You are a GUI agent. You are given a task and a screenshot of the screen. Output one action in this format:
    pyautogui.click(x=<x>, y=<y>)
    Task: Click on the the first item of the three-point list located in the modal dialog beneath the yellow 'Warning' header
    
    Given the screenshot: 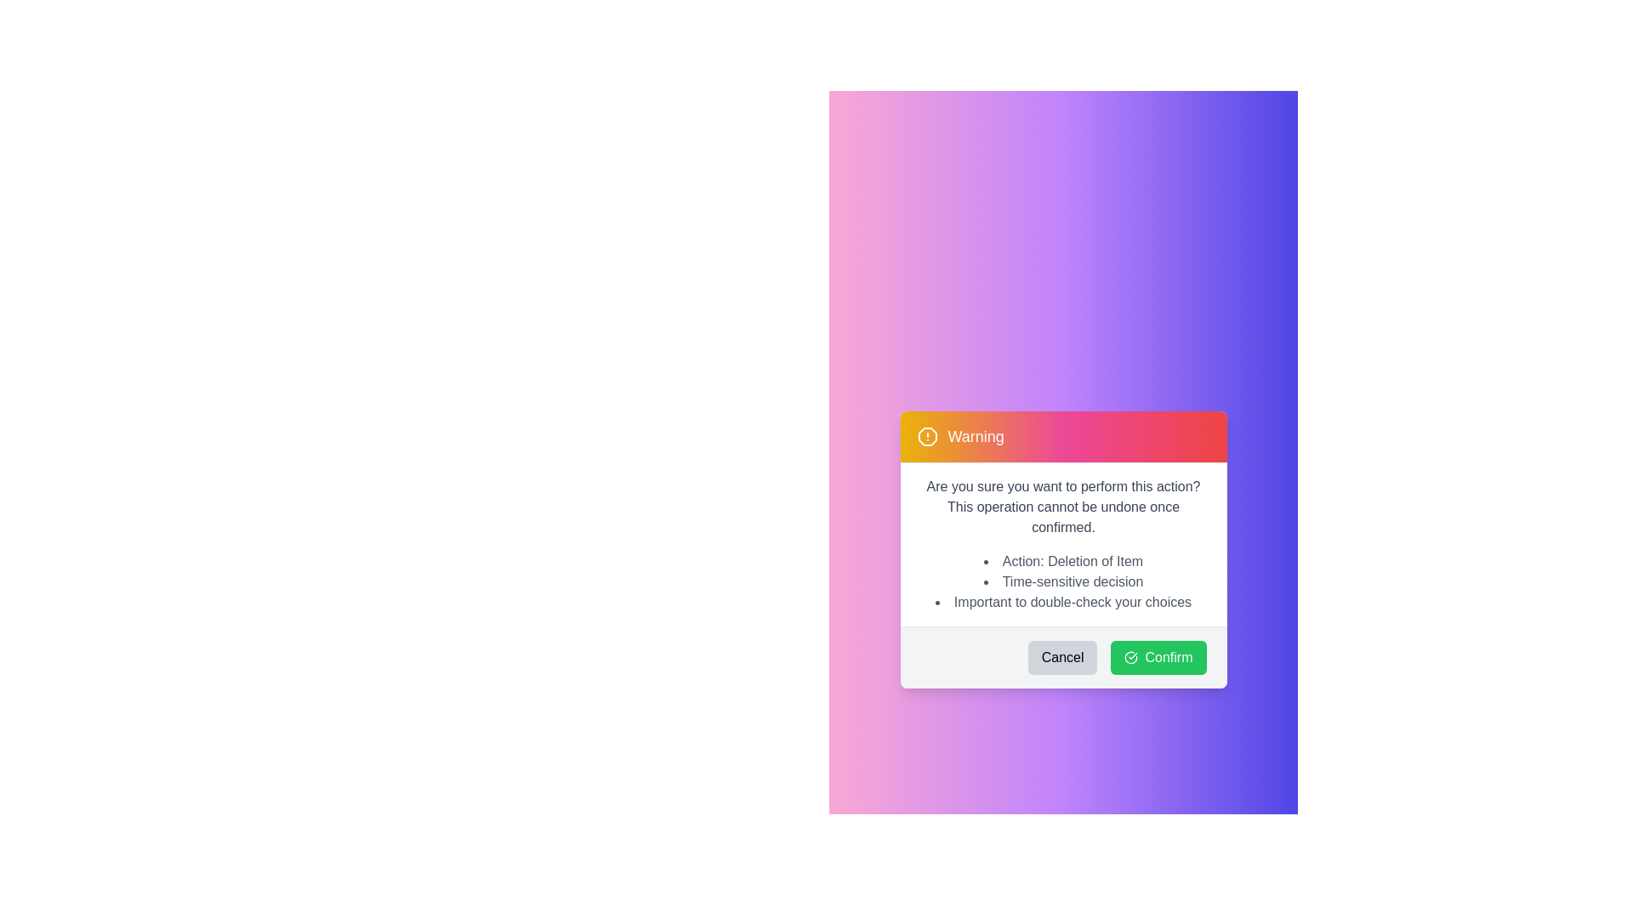 What is the action you would take?
    pyautogui.click(x=1062, y=561)
    